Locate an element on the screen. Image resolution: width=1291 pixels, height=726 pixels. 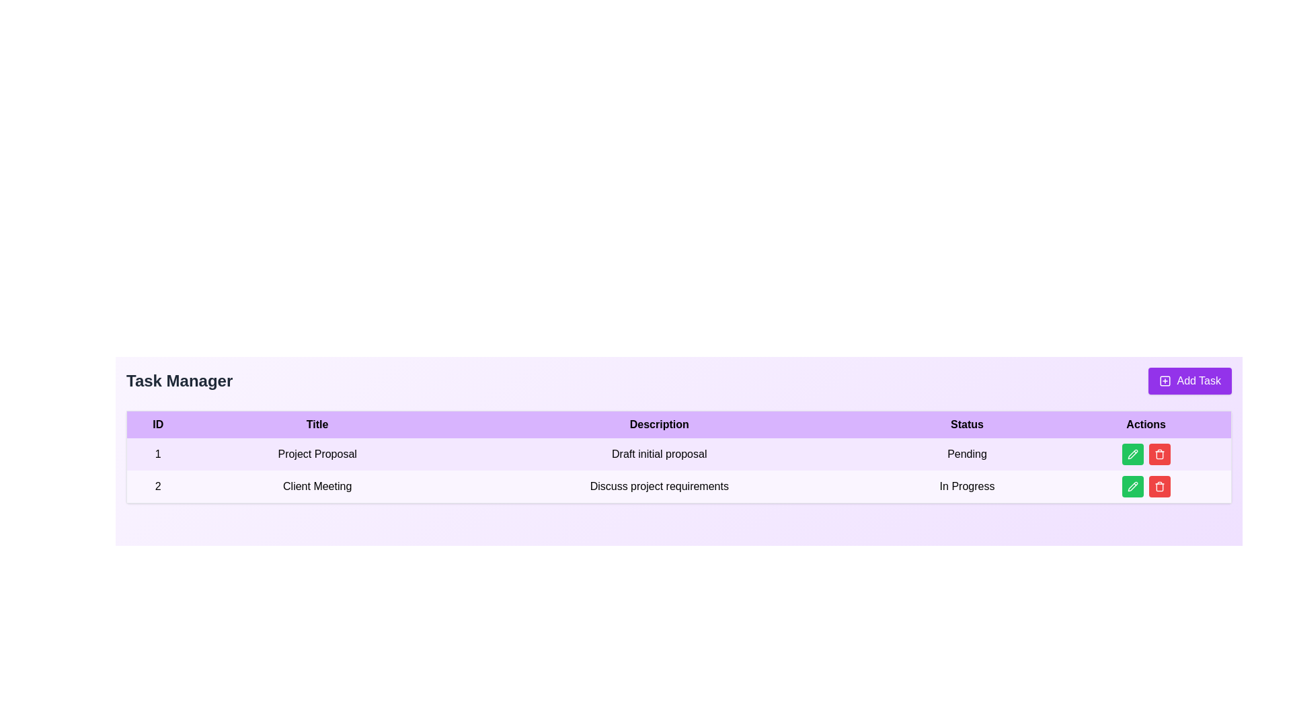
the 'Project Proposal' text label is located at coordinates (317, 454).